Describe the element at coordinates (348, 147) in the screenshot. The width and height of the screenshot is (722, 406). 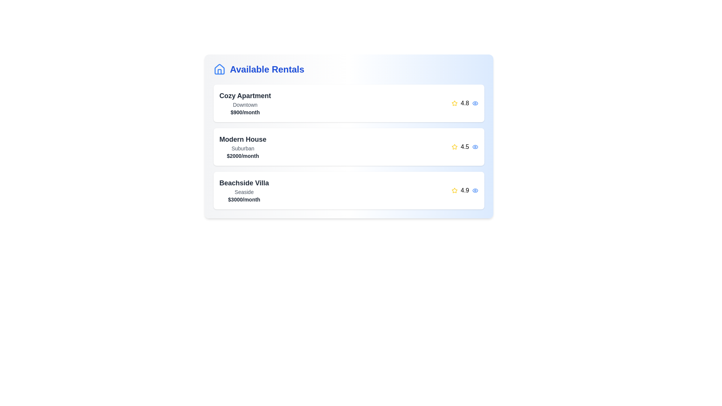
I see `the rental item corresponding to Modern House` at that location.